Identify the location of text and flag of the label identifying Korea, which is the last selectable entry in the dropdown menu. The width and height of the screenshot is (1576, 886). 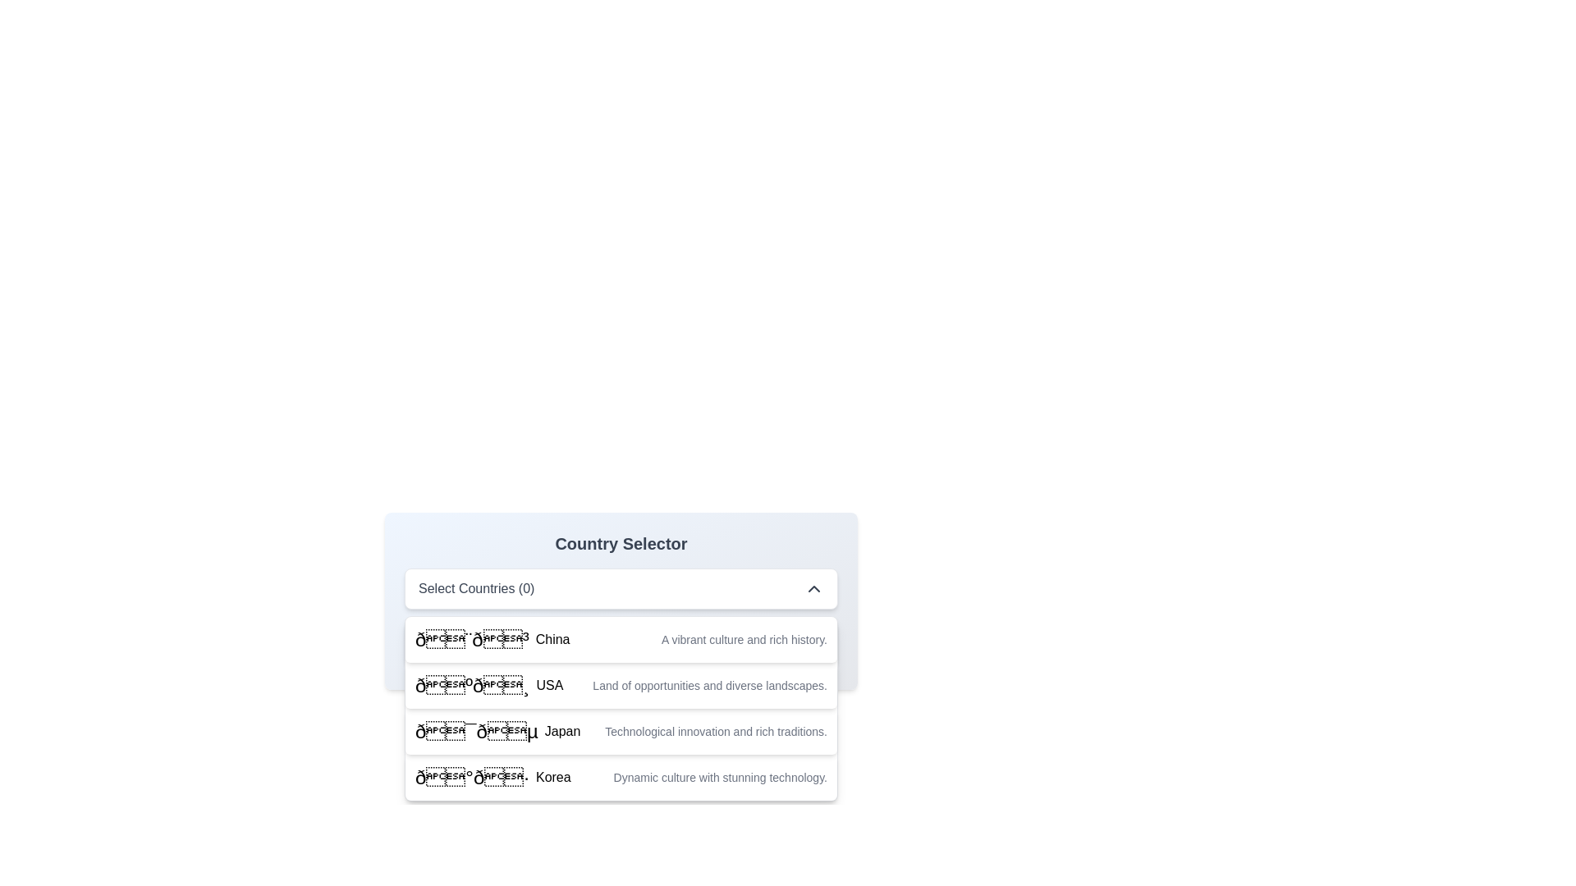
(492, 777).